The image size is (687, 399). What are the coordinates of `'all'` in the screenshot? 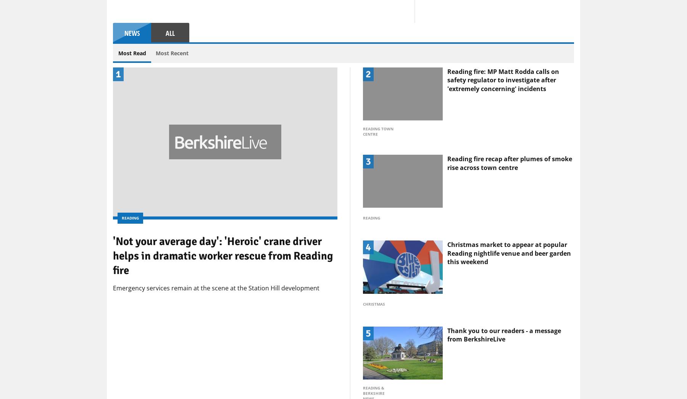 It's located at (170, 94).